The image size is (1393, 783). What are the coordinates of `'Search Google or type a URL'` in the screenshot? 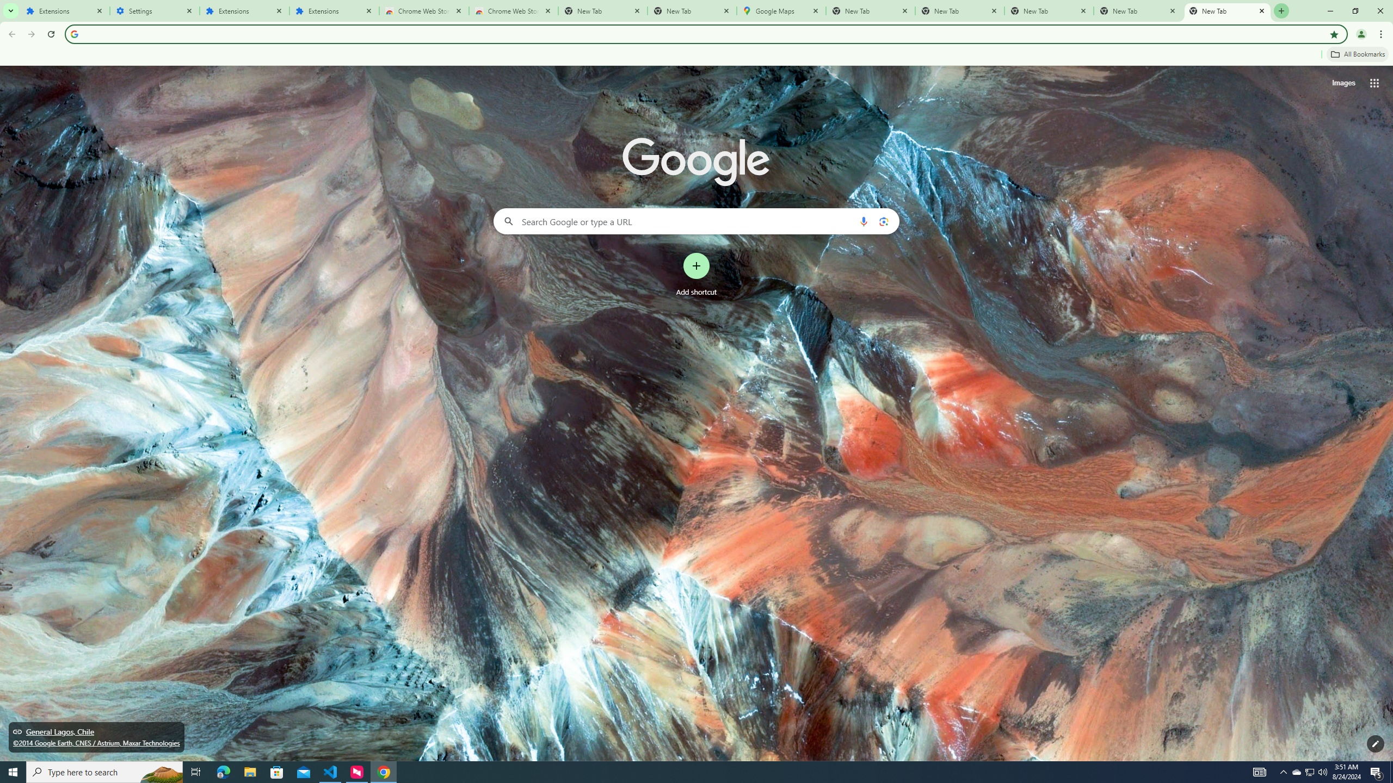 It's located at (696, 220).